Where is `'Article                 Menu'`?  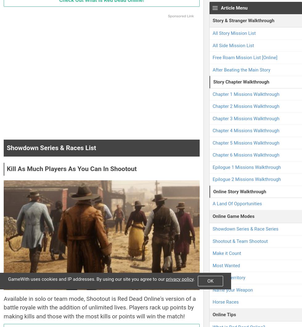 'Article                 Menu' is located at coordinates (234, 8).